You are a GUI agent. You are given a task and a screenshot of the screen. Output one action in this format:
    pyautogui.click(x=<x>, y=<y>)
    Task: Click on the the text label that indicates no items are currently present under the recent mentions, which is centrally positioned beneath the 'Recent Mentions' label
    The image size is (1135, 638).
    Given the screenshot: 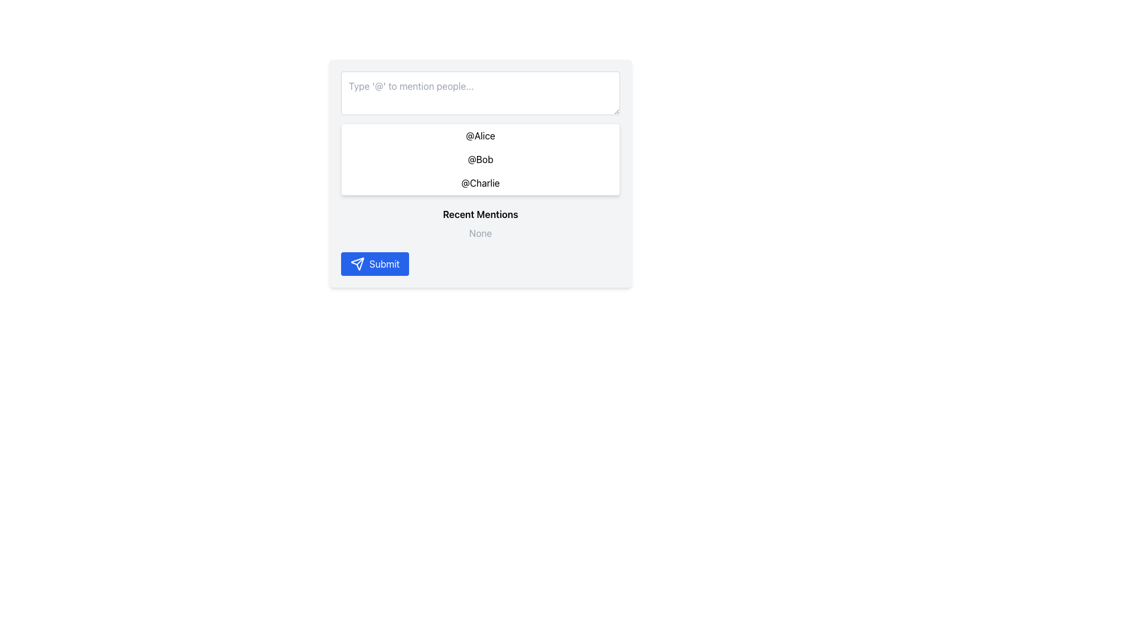 What is the action you would take?
    pyautogui.click(x=480, y=233)
    